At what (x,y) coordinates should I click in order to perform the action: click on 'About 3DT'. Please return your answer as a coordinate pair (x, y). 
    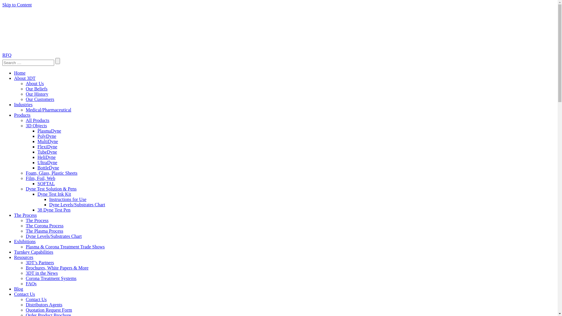
    Looking at the image, I should click on (24, 78).